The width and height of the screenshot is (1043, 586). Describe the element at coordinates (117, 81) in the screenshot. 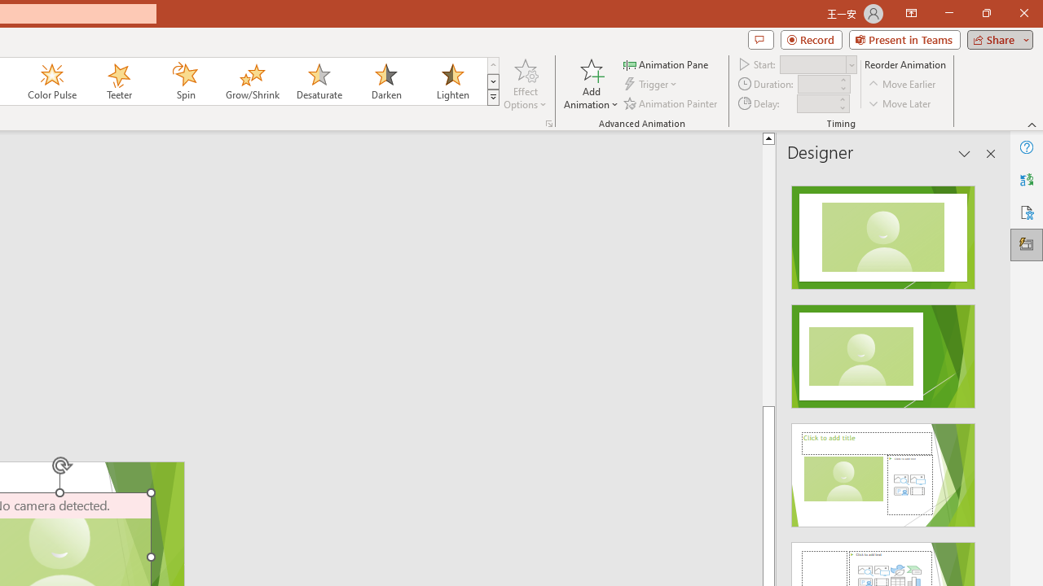

I see `'Teeter'` at that location.